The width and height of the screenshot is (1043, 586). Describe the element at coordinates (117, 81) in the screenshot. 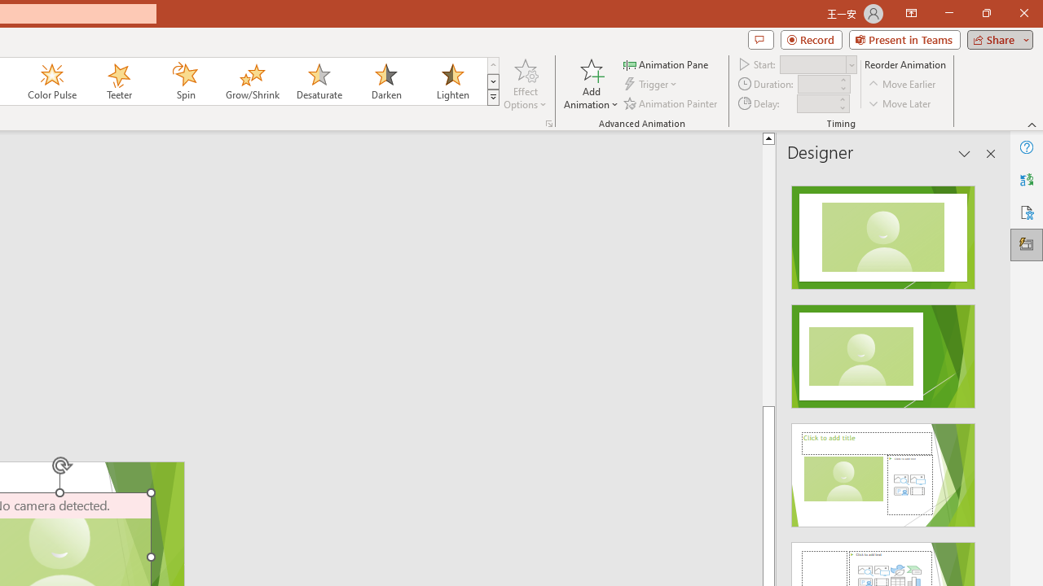

I see `'Teeter'` at that location.